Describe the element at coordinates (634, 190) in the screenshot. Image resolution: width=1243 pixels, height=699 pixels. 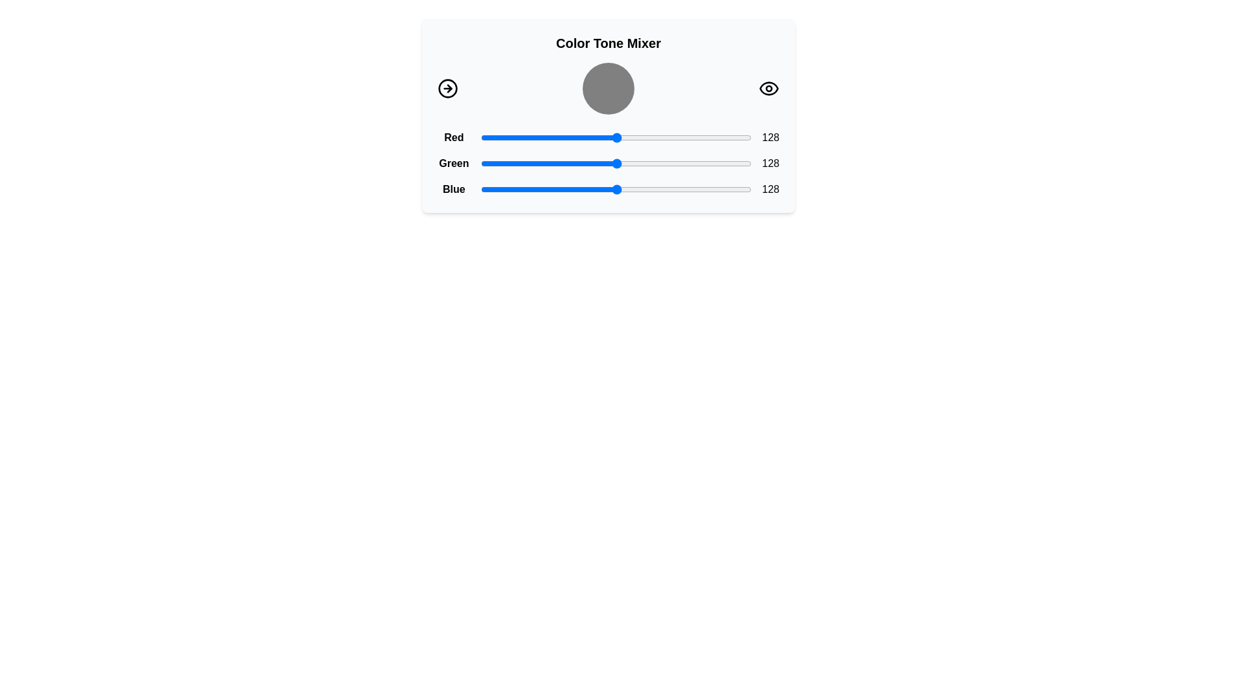
I see `the slider value` at that location.